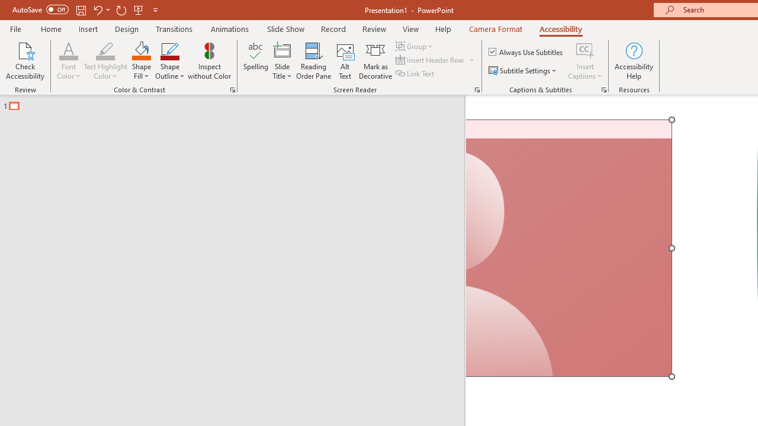 This screenshot has width=758, height=426. Describe the element at coordinates (477, 89) in the screenshot. I see `'Screen Reader'` at that location.